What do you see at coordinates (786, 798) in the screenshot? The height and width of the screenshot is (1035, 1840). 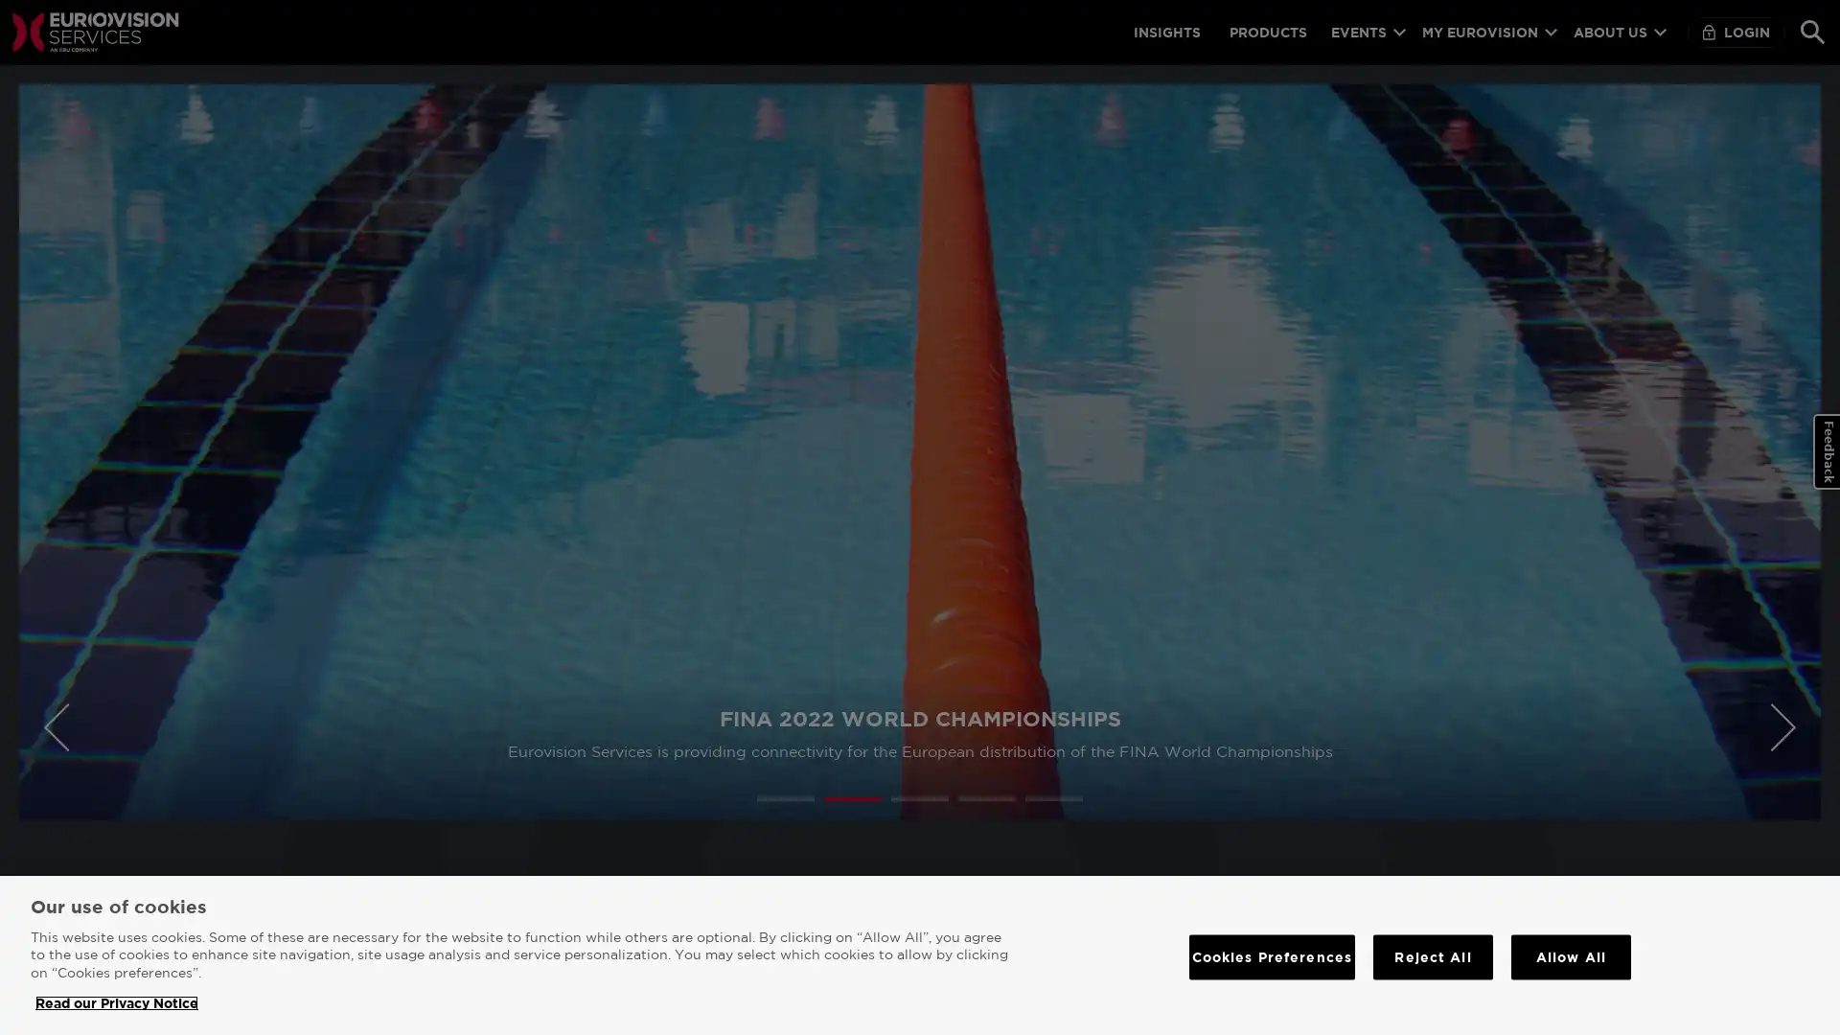 I see `Carousel Page 1` at bounding box center [786, 798].